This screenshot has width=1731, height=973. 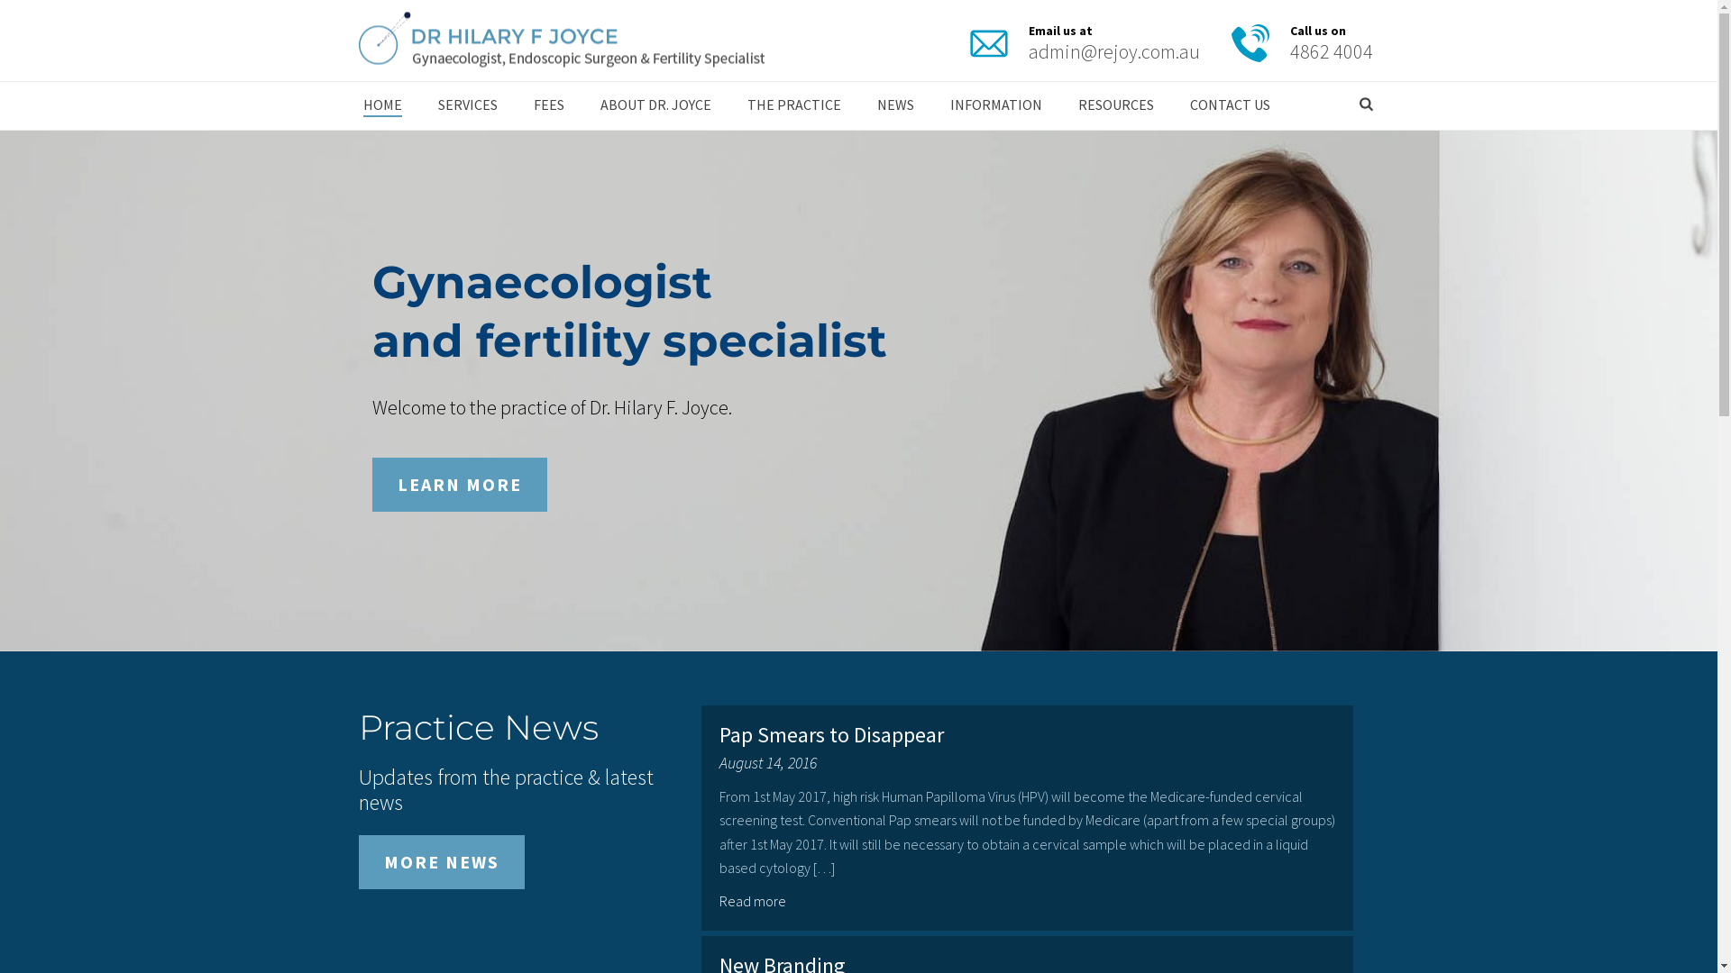 I want to click on 'MORE NEWS', so click(x=441, y=860).